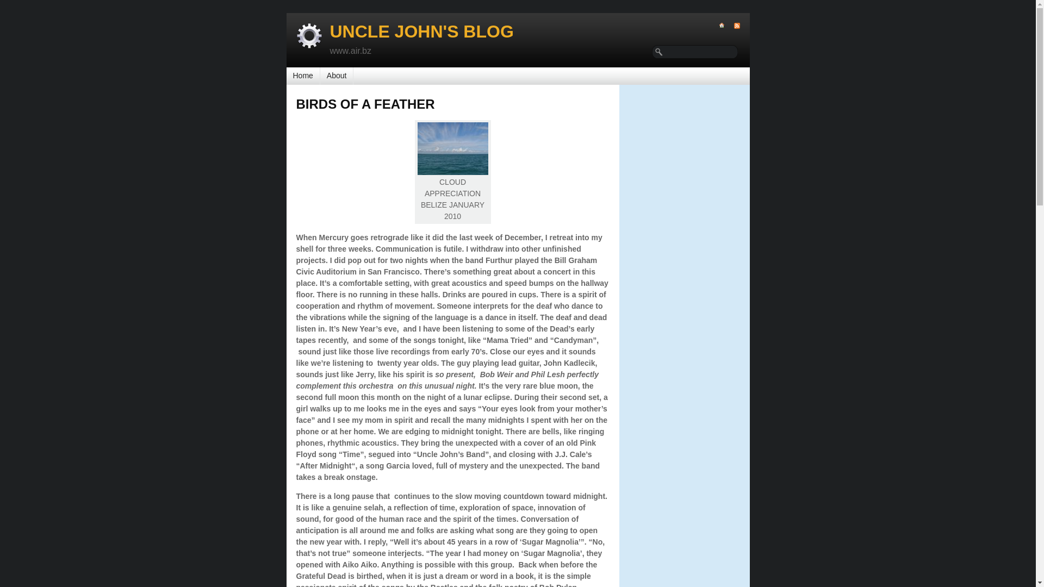 The width and height of the screenshot is (1044, 587). I want to click on 'RSS link', so click(732, 25).